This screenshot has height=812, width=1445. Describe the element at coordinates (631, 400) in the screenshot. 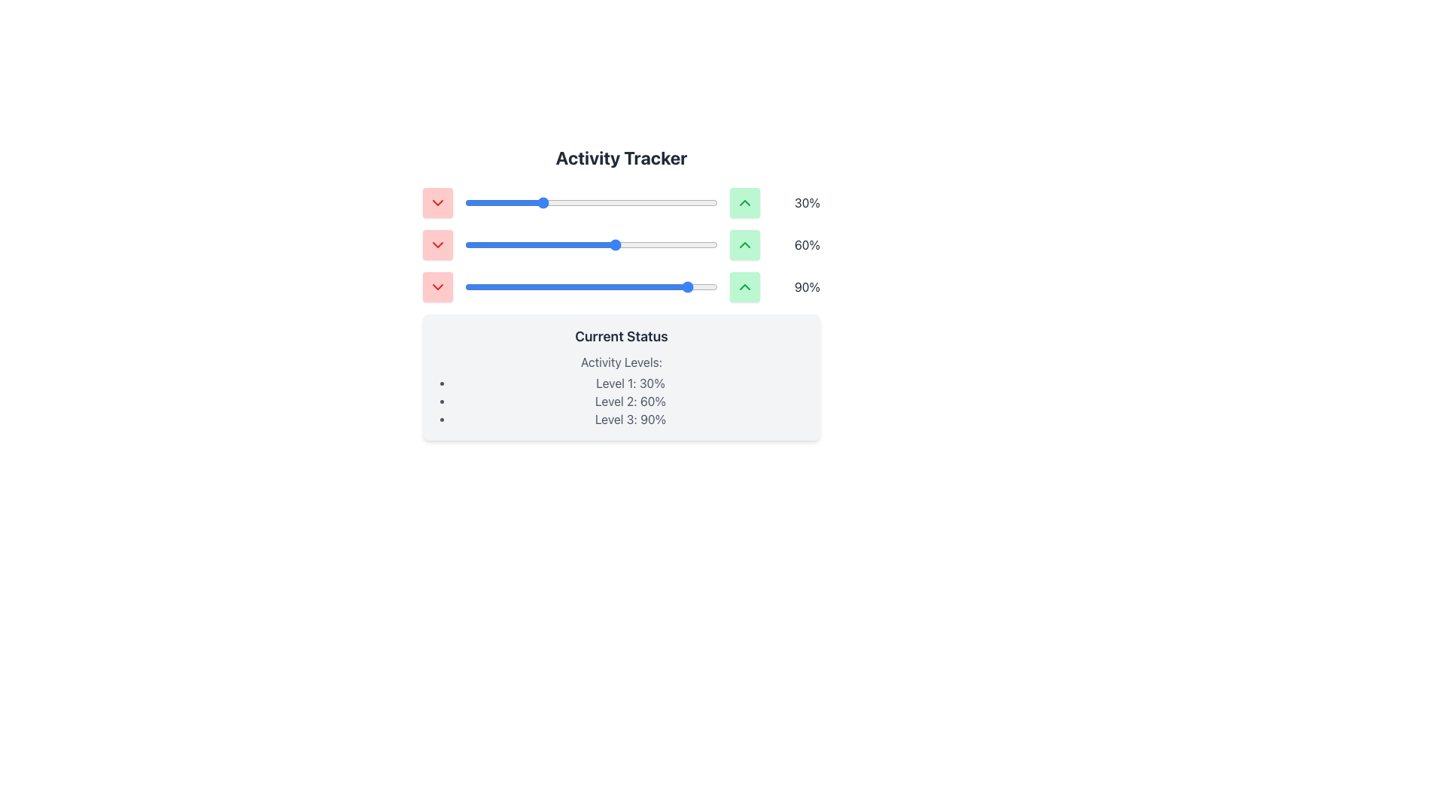

I see `the text label displaying 'Level 2: 60%' which is the second item in the vertical bulleted list under 'Current Status: Activity Levels:'` at that location.